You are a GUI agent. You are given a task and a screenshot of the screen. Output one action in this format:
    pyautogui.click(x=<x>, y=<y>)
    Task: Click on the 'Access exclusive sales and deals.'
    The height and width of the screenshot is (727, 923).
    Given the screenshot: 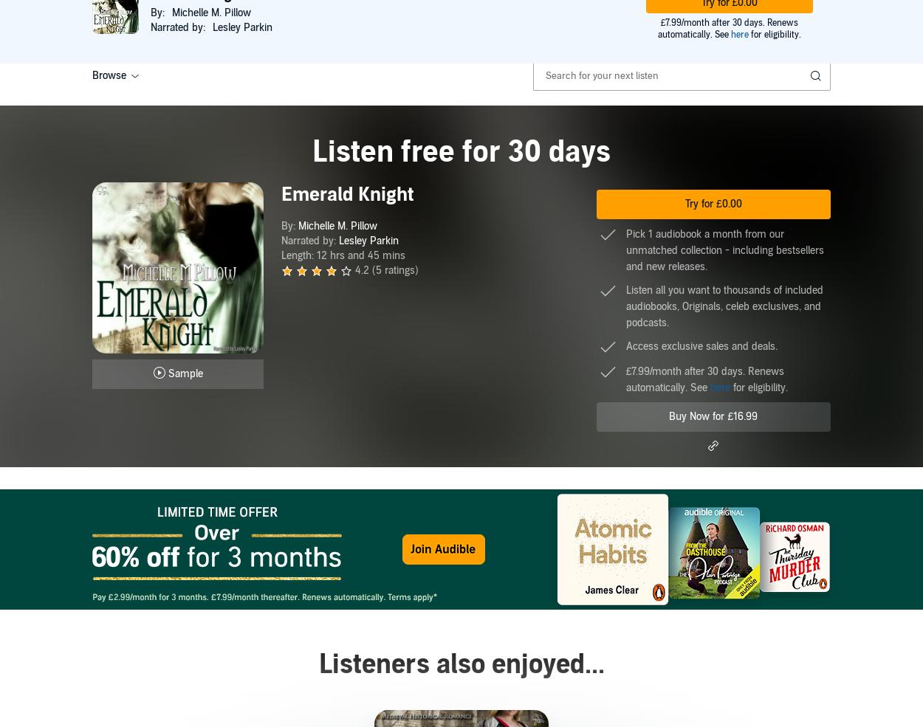 What is the action you would take?
    pyautogui.click(x=700, y=345)
    